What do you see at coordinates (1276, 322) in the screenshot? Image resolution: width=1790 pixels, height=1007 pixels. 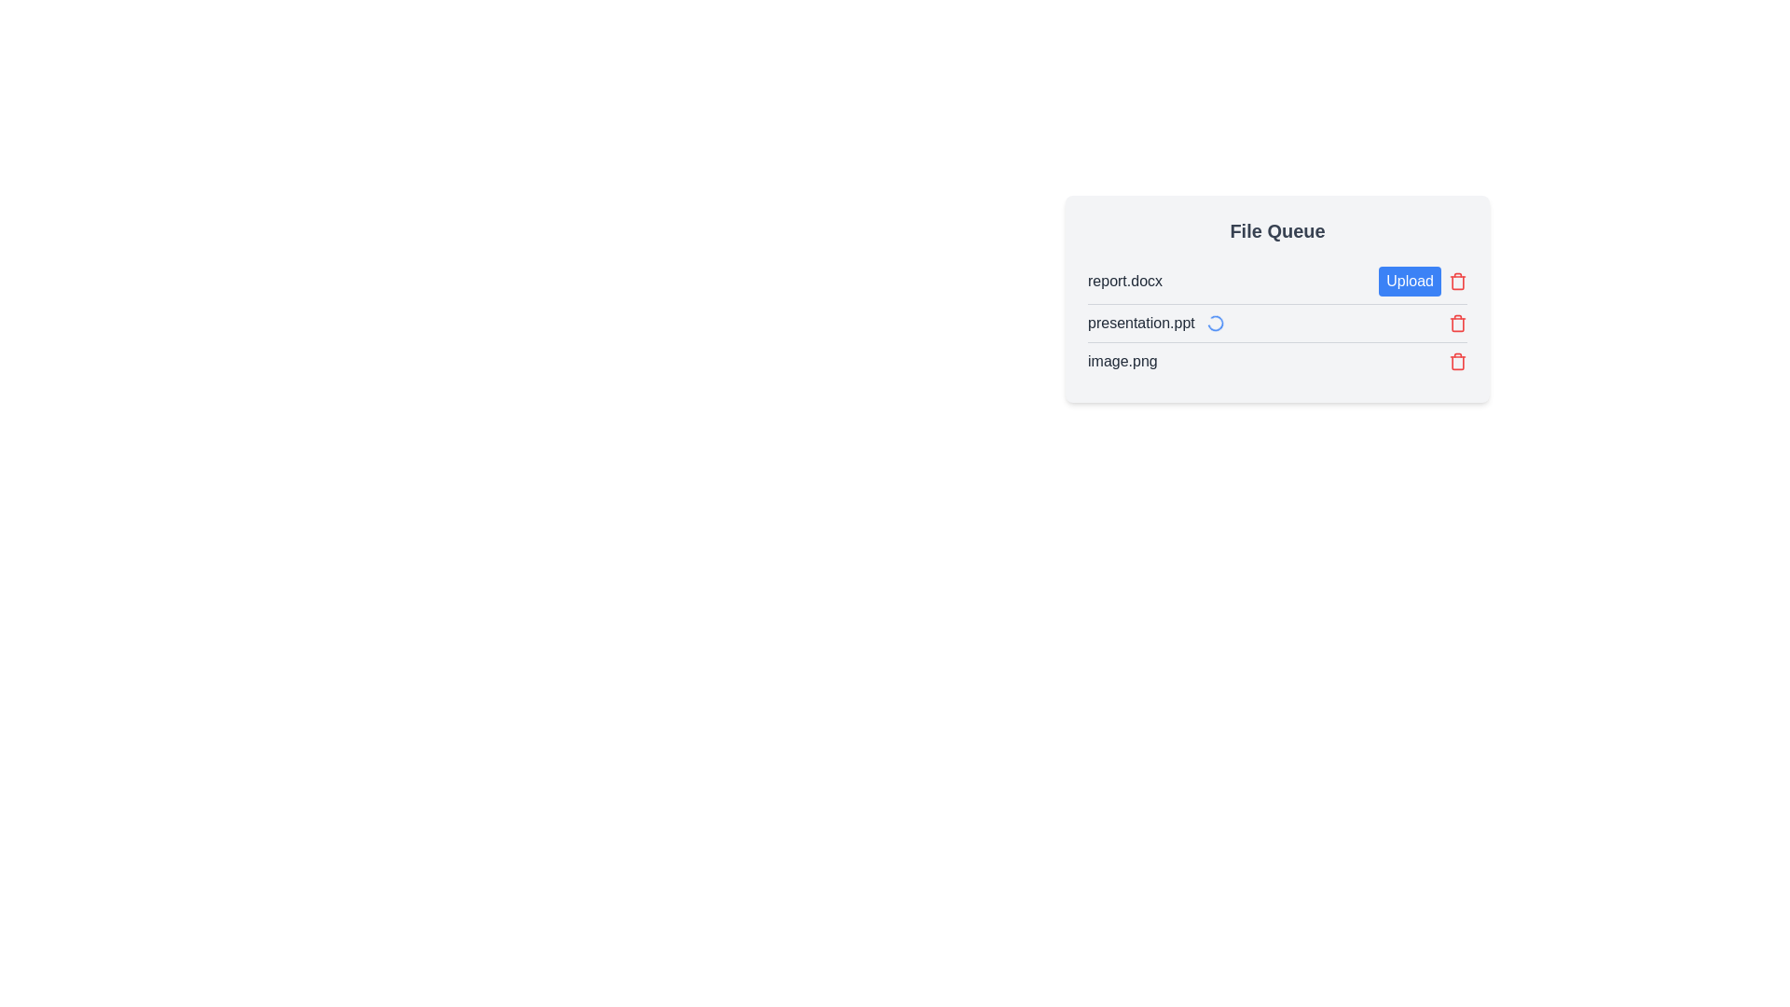 I see `the file name 'presentation.ppt' in the second row of the file list` at bounding box center [1276, 322].